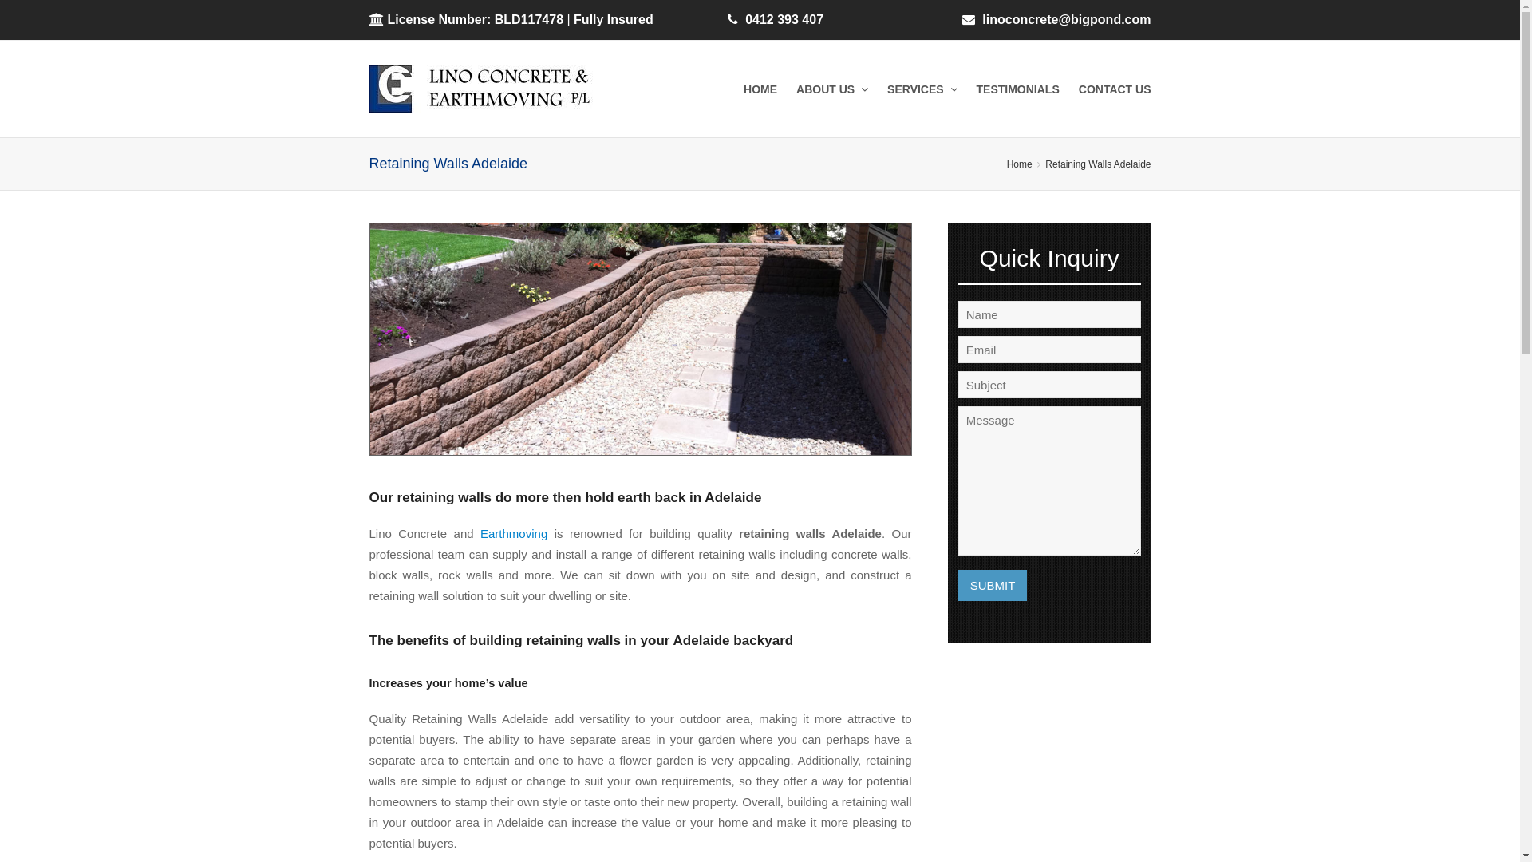  Describe the element at coordinates (479, 533) in the screenshot. I see `'Earthmoving'` at that location.